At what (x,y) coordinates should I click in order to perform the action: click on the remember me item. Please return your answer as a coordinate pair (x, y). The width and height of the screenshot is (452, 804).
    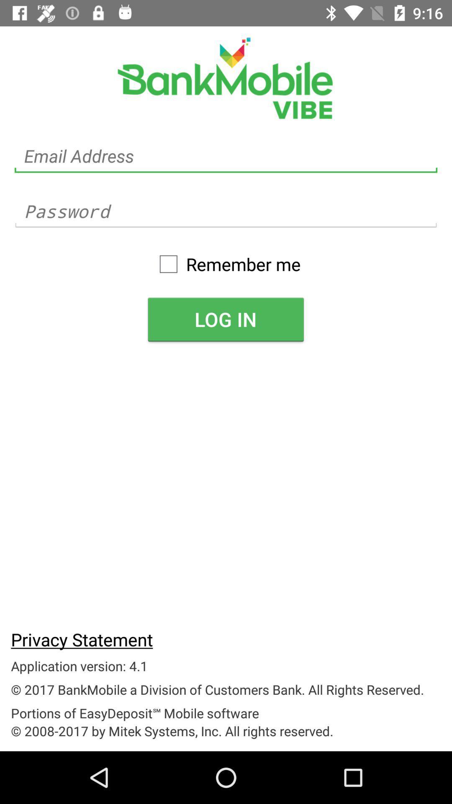
    Looking at the image, I should click on (225, 263).